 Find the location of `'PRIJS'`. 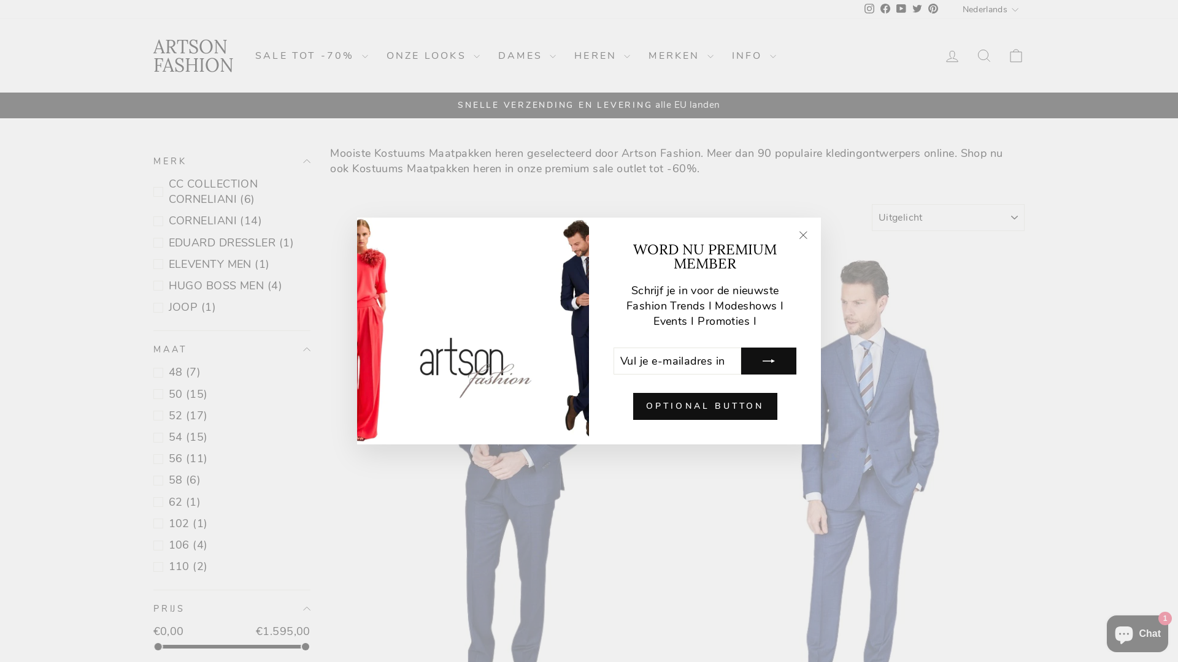

'PRIJS' is located at coordinates (232, 608).